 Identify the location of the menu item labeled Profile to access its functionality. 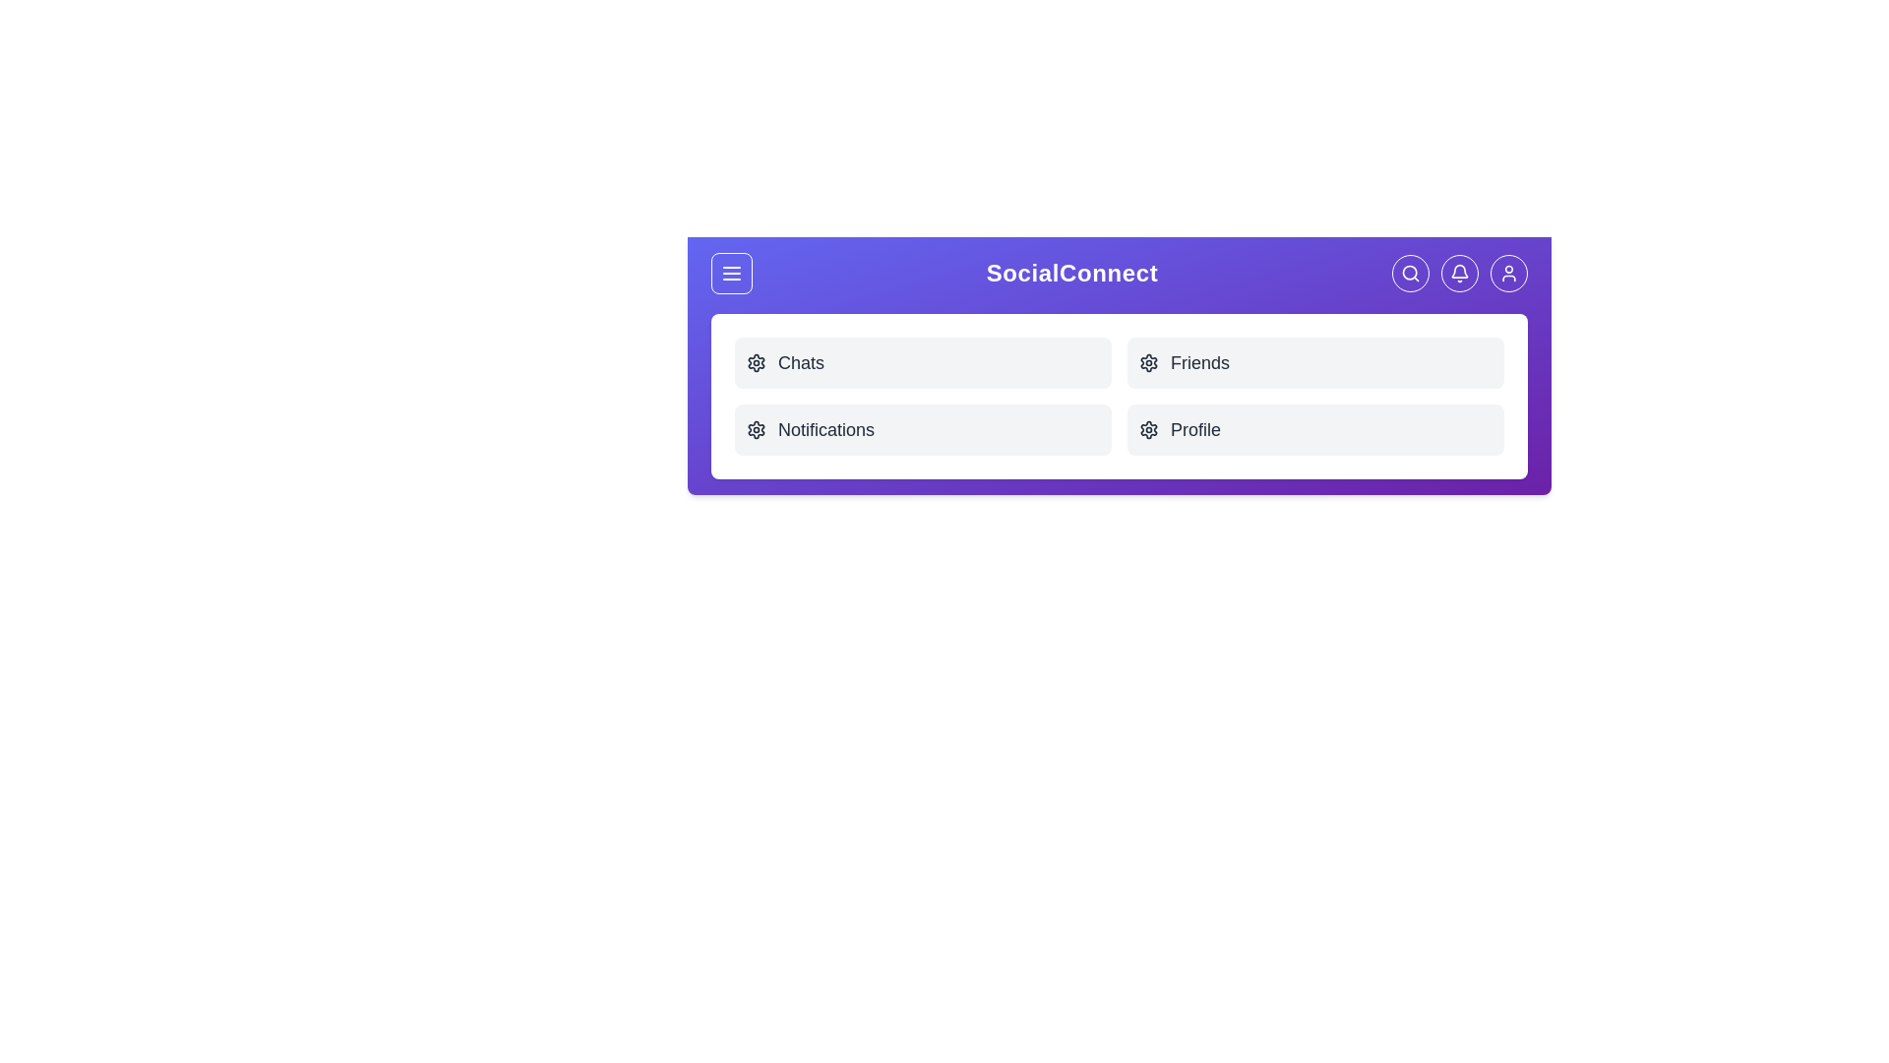
(1315, 428).